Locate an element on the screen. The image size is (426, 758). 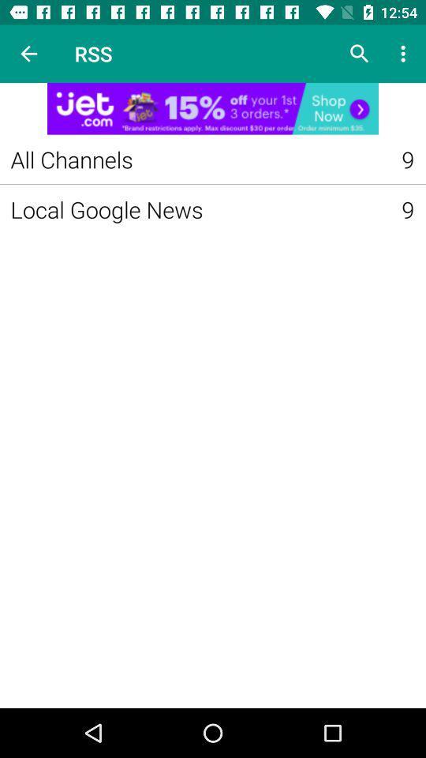
advertainment is located at coordinates (213, 107).